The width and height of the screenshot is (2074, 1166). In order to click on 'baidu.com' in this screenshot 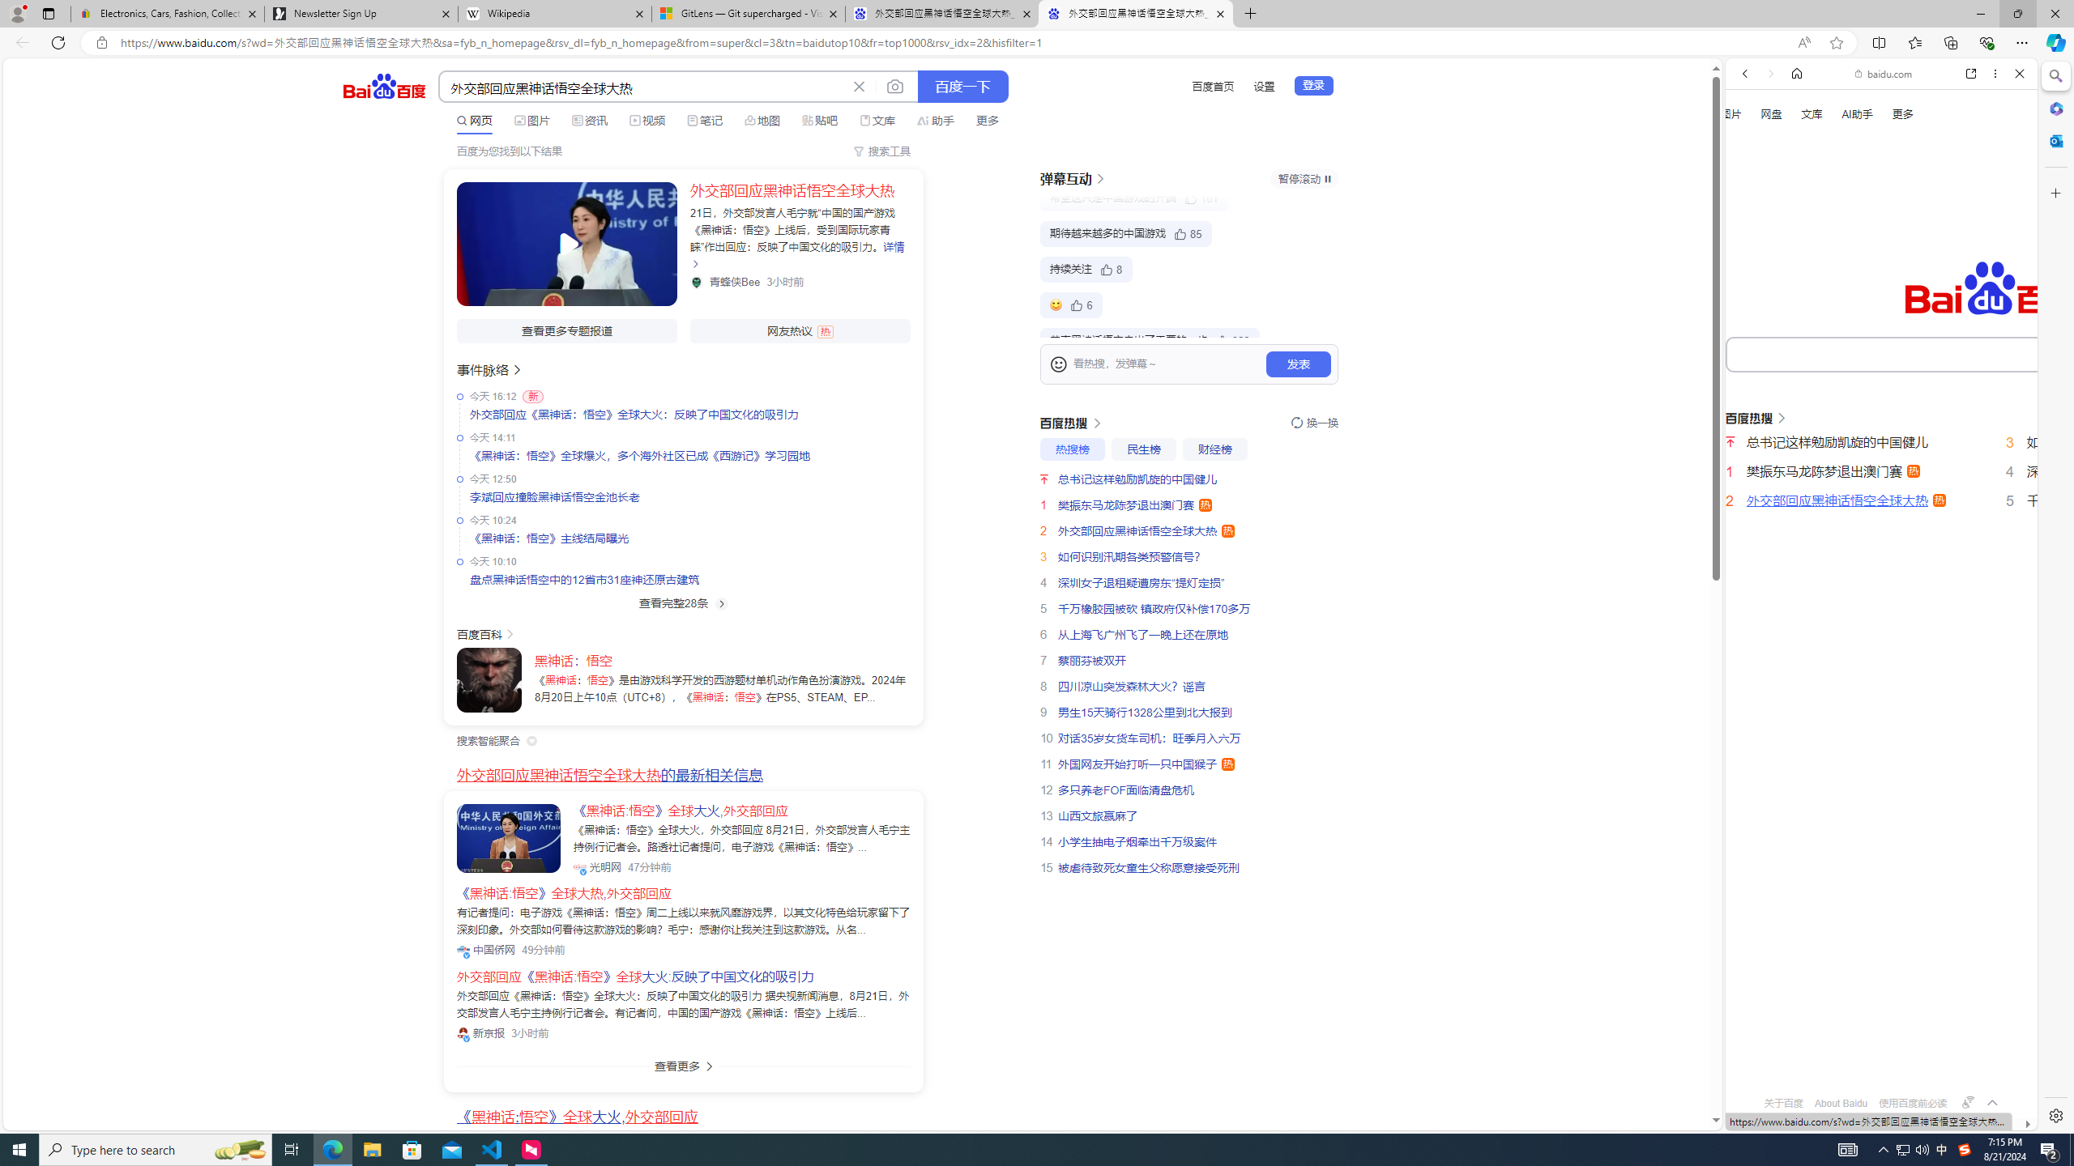, I will do `click(1885, 74)`.